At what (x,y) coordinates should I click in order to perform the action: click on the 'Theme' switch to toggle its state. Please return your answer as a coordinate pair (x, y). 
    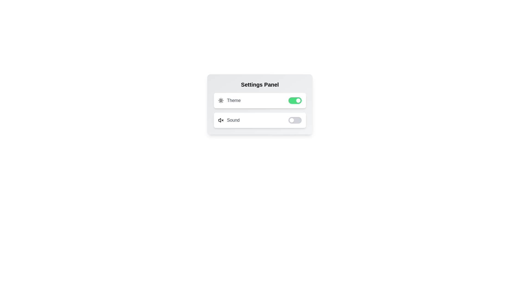
    Looking at the image, I should click on (295, 100).